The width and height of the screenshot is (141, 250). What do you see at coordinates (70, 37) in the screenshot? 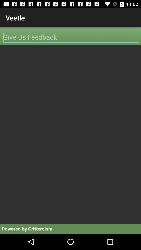
I see `write feedback` at bounding box center [70, 37].